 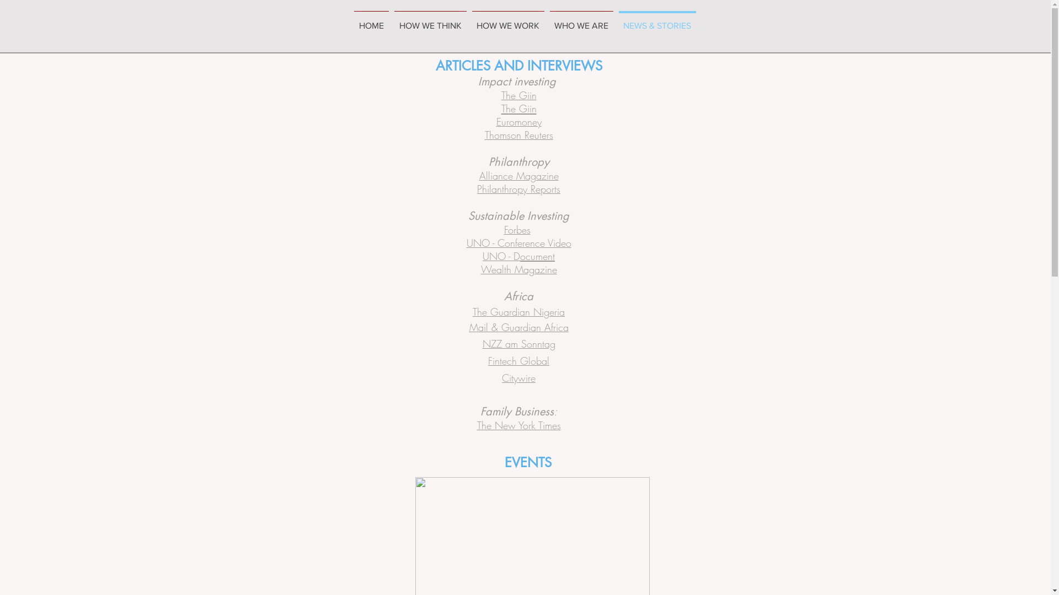 I want to click on 'Fintech Global', so click(x=518, y=361).